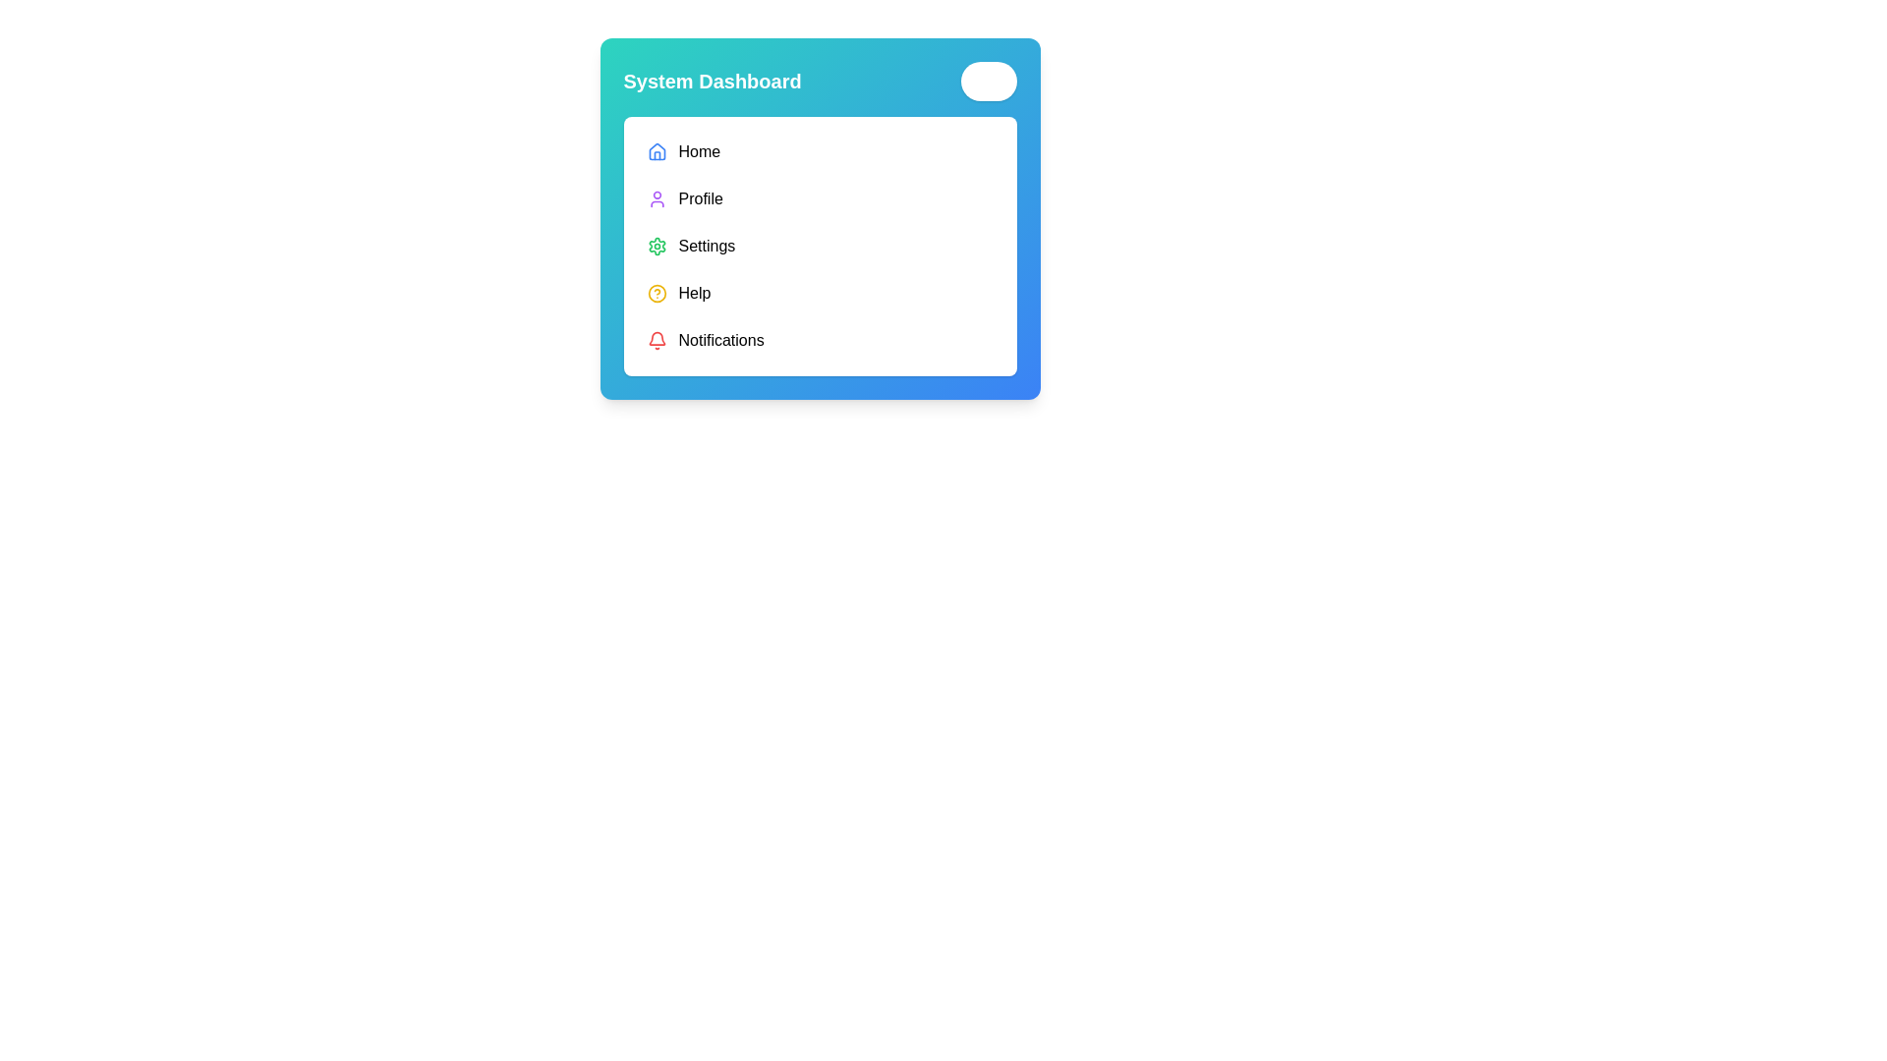 Image resolution: width=1887 pixels, height=1061 pixels. I want to click on the last navigation item in the vertically stacked menu under 'Help', so click(820, 340).